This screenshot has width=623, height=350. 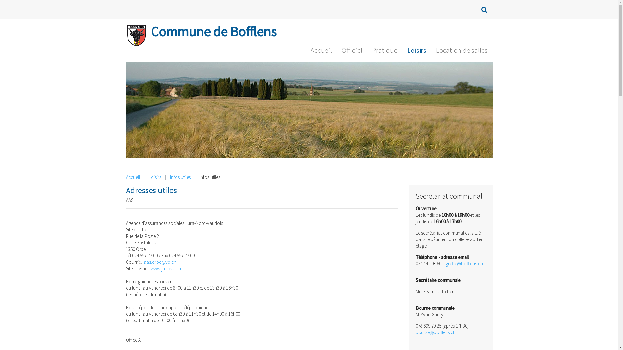 What do you see at coordinates (159, 262) in the screenshot?
I see `'aas.orbe@vd.ch'` at bounding box center [159, 262].